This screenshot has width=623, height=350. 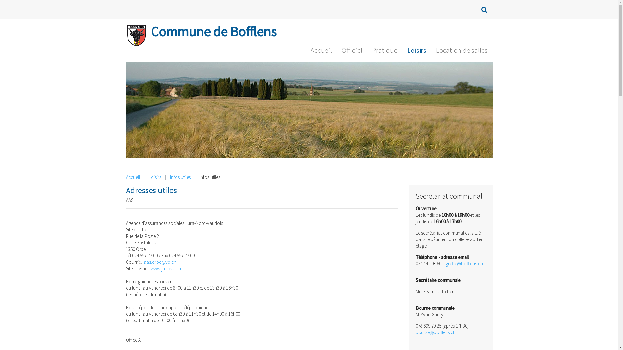 What do you see at coordinates (159, 262) in the screenshot?
I see `'aas.orbe@vd.ch'` at bounding box center [159, 262].